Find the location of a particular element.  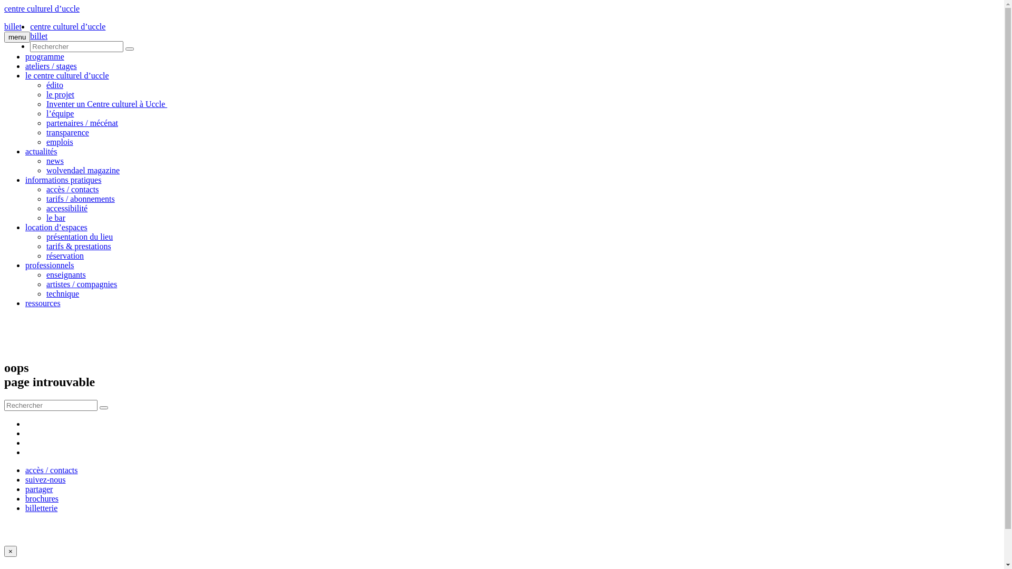

'partager' is located at coordinates (38, 489).